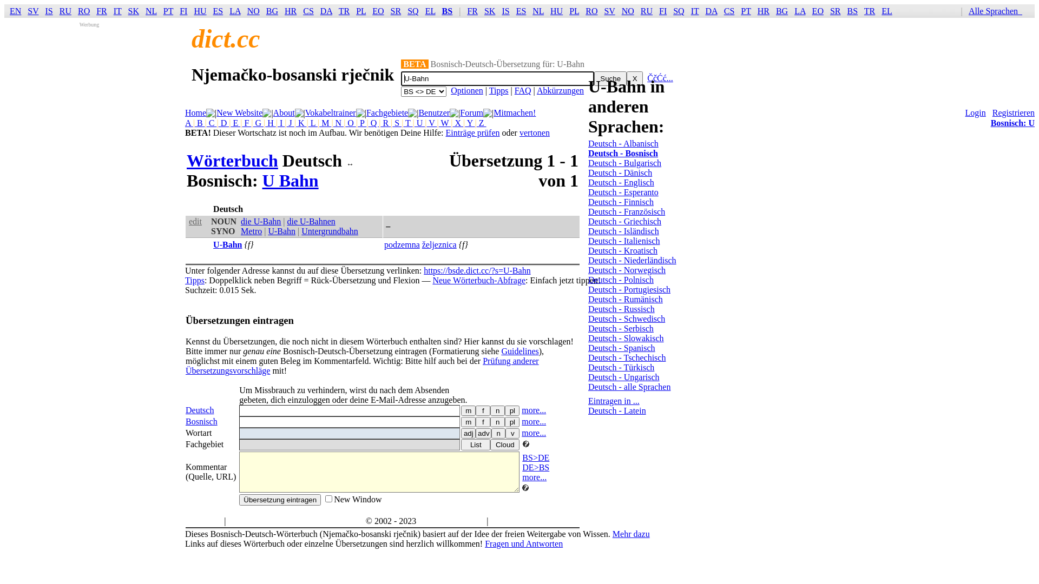 Image resolution: width=1039 pixels, height=584 pixels. I want to click on 'Fachgebiete', so click(366, 112).